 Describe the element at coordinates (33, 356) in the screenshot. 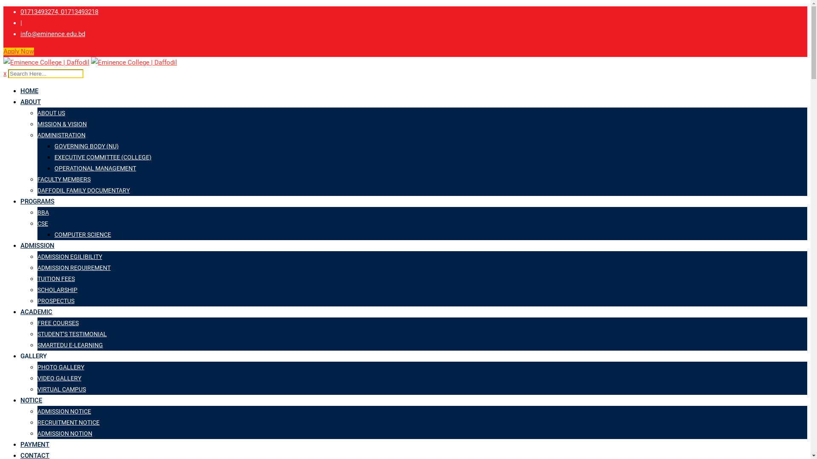

I see `'GALLERY'` at that location.